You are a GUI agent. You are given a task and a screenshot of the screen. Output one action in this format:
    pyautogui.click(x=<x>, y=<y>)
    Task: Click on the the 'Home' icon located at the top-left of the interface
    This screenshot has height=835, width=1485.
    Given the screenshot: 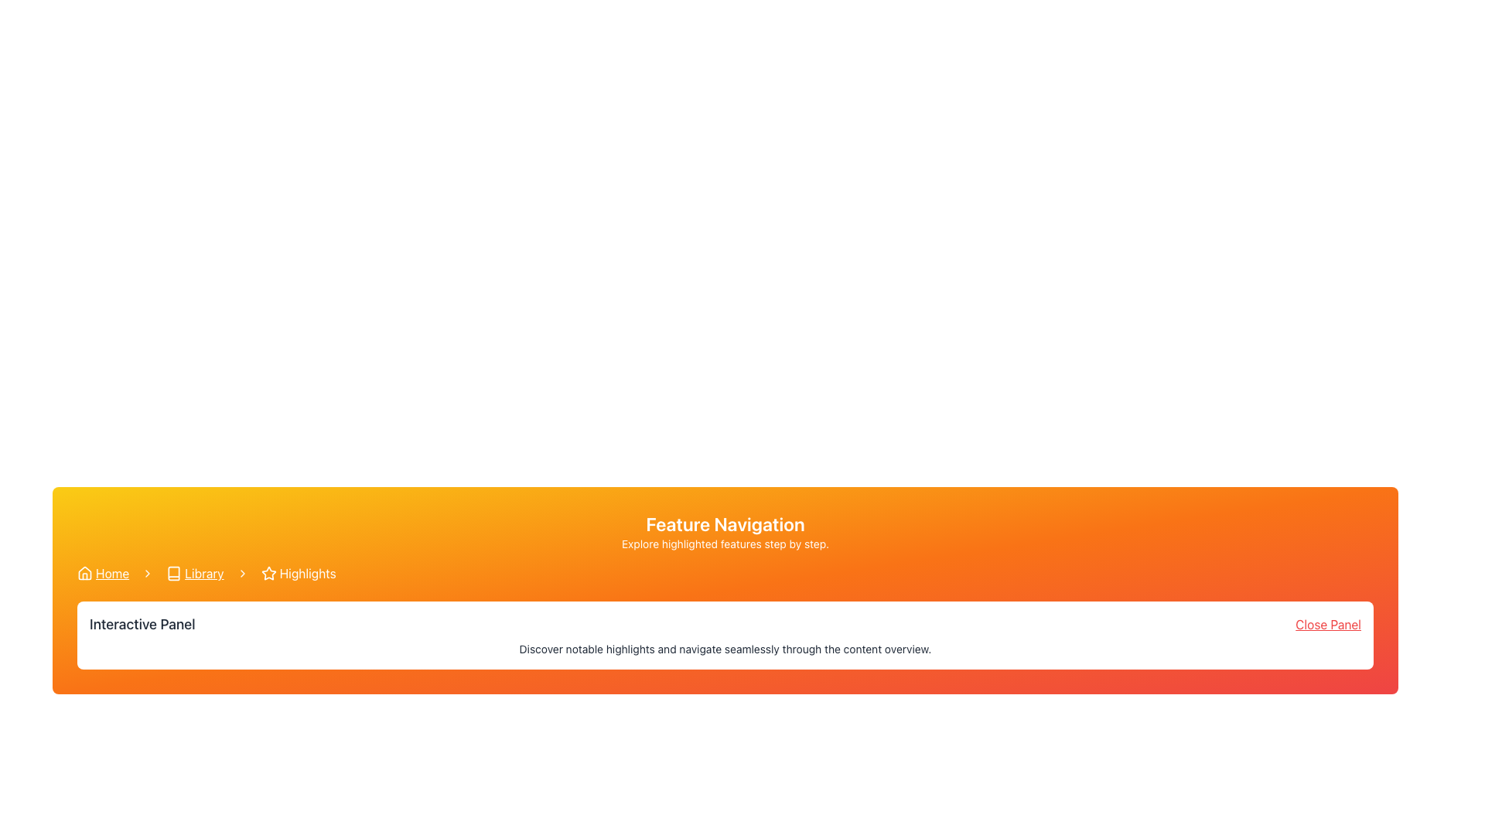 What is the action you would take?
    pyautogui.click(x=84, y=573)
    